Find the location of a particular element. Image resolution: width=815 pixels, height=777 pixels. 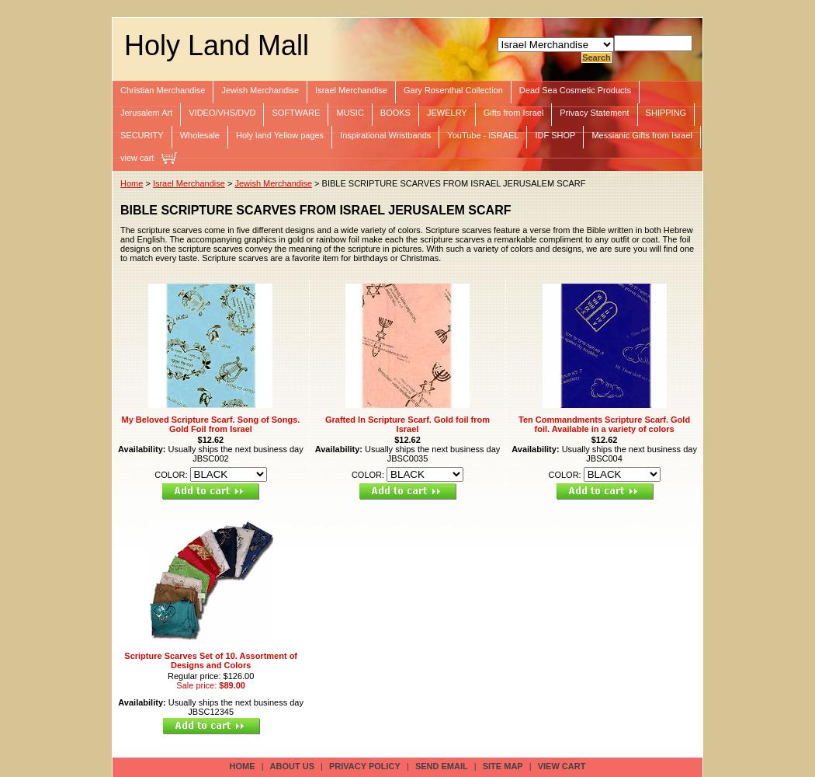

'Regular price: $126.00' is located at coordinates (210, 674).